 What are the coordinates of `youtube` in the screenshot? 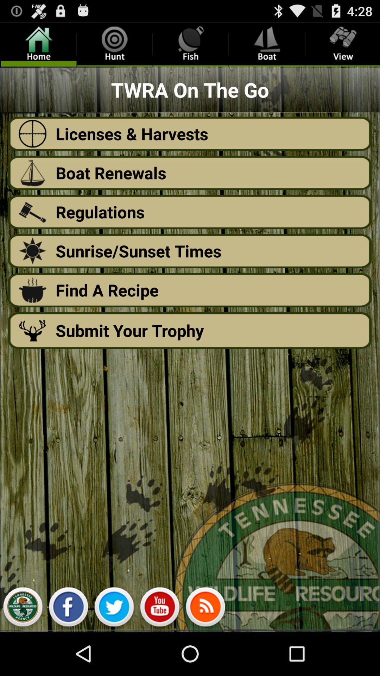 It's located at (160, 608).